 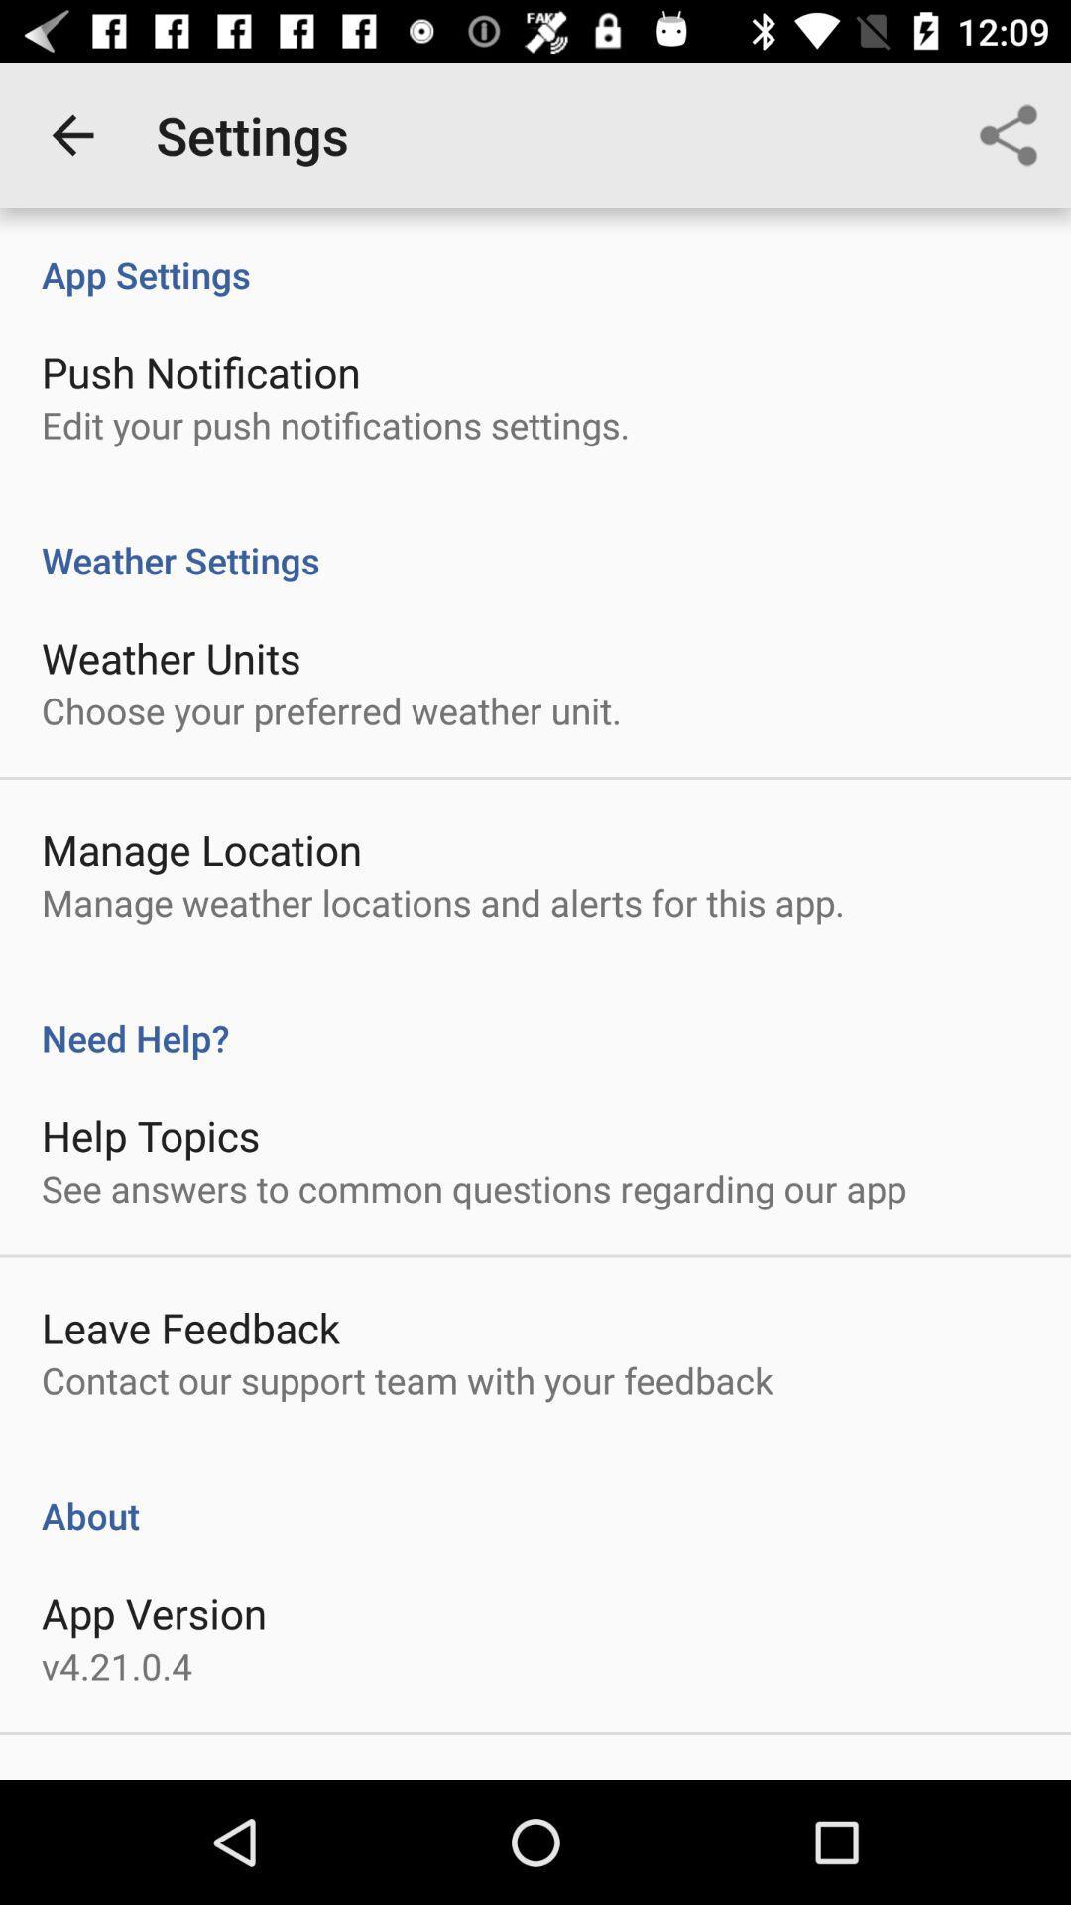 I want to click on help topics icon, so click(x=150, y=1135).